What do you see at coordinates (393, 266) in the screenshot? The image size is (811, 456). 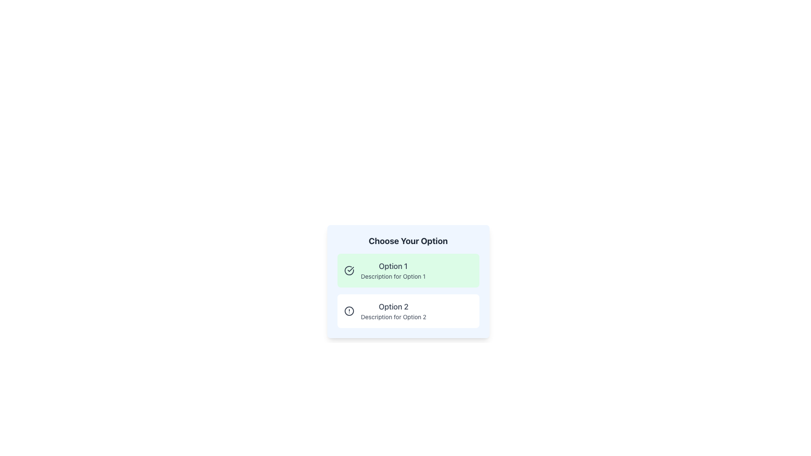 I see `the text label that serves as the title for the first selectable option in the list, located above the text 'Description for Option 1'` at bounding box center [393, 266].